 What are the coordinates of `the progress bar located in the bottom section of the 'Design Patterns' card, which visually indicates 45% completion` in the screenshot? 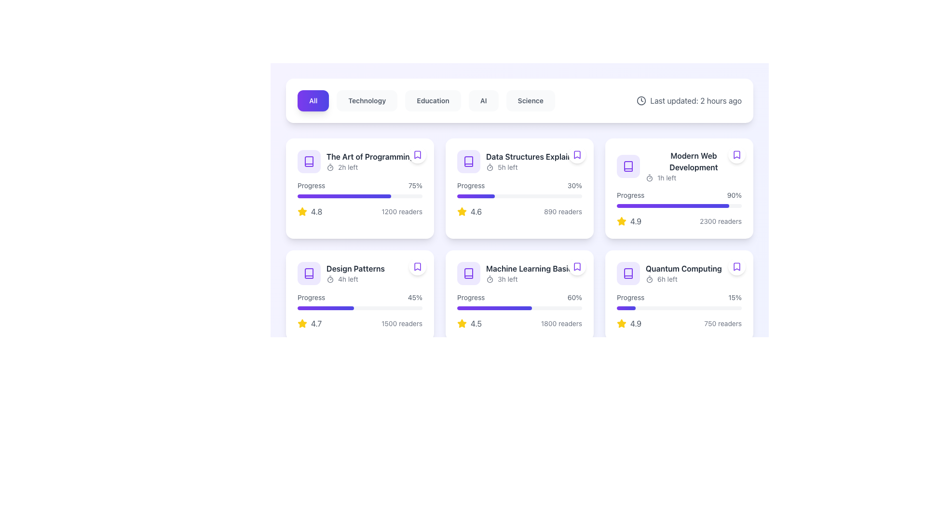 It's located at (359, 308).